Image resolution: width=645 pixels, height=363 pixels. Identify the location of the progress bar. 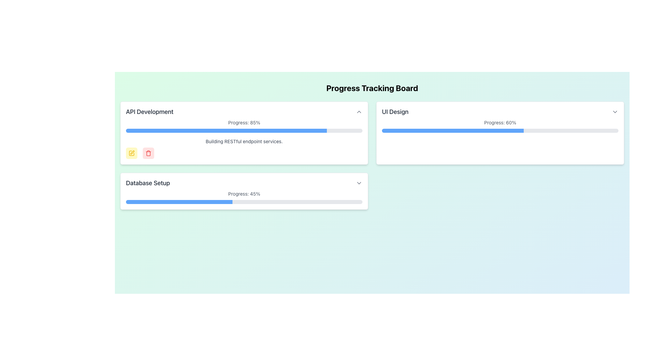
(208, 202).